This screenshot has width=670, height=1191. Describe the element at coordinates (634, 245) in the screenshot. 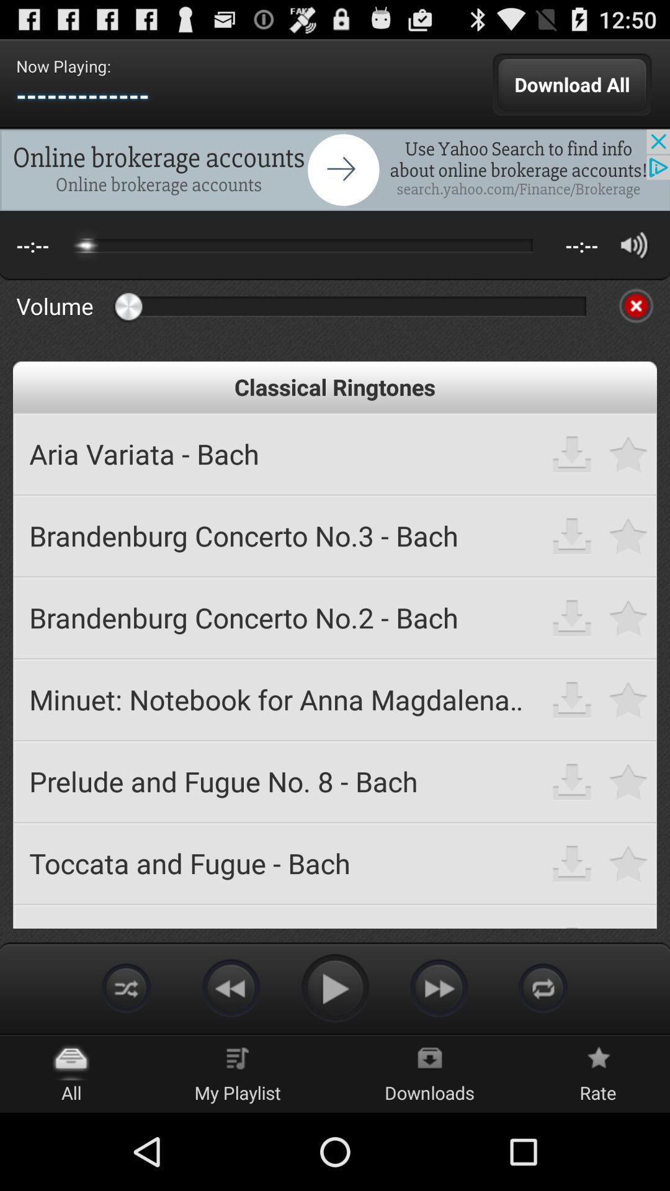

I see `volume` at that location.